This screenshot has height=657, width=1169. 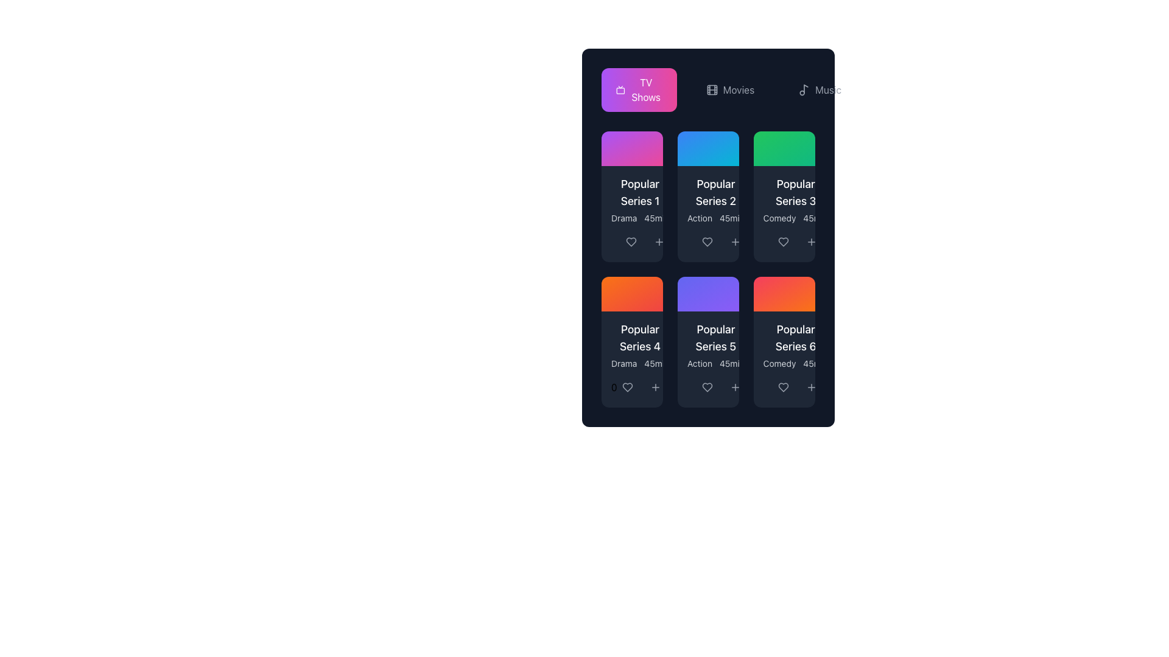 What do you see at coordinates (806, 88) in the screenshot?
I see `the decorative graphical symbol representing the 'Music' section, located in the top menu bar to the left of the 'Music' label` at bounding box center [806, 88].